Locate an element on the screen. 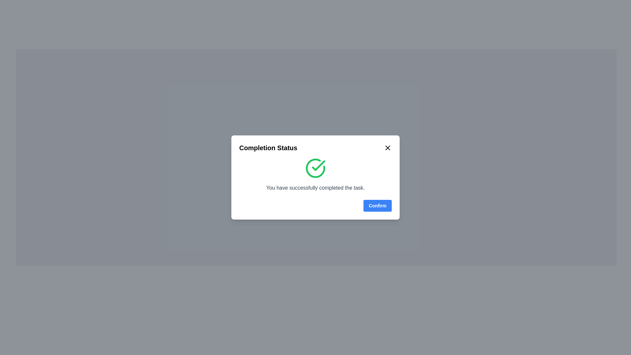 Image resolution: width=631 pixels, height=355 pixels. the Checkmark icon within a circle, which indicates successful task completion, positioned above the message 'You have successfully completed the task.' is located at coordinates (315, 168).